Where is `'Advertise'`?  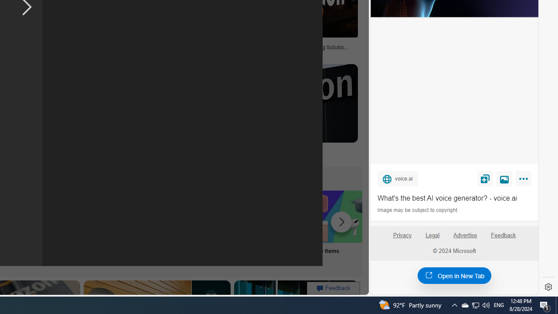
'Advertise' is located at coordinates (465, 239).